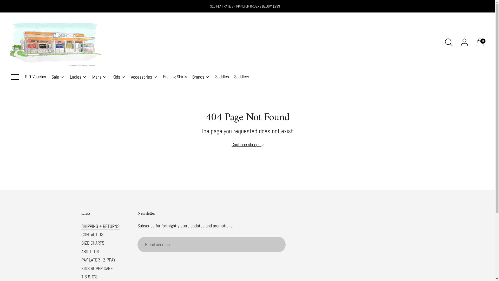 This screenshot has height=281, width=499. Describe the element at coordinates (97, 268) in the screenshot. I see `'KIDS ROPER CARE'` at that location.